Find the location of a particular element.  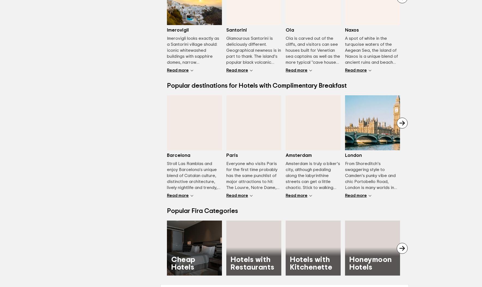

'Amsterdam' is located at coordinates (299, 155).